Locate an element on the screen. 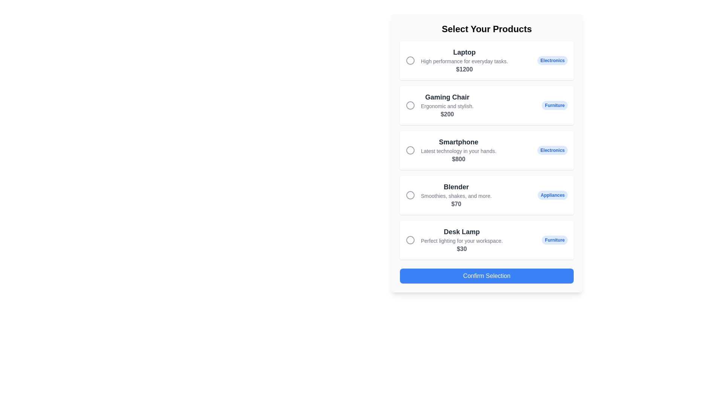  the second circle element in the vertical list is located at coordinates (410, 105).